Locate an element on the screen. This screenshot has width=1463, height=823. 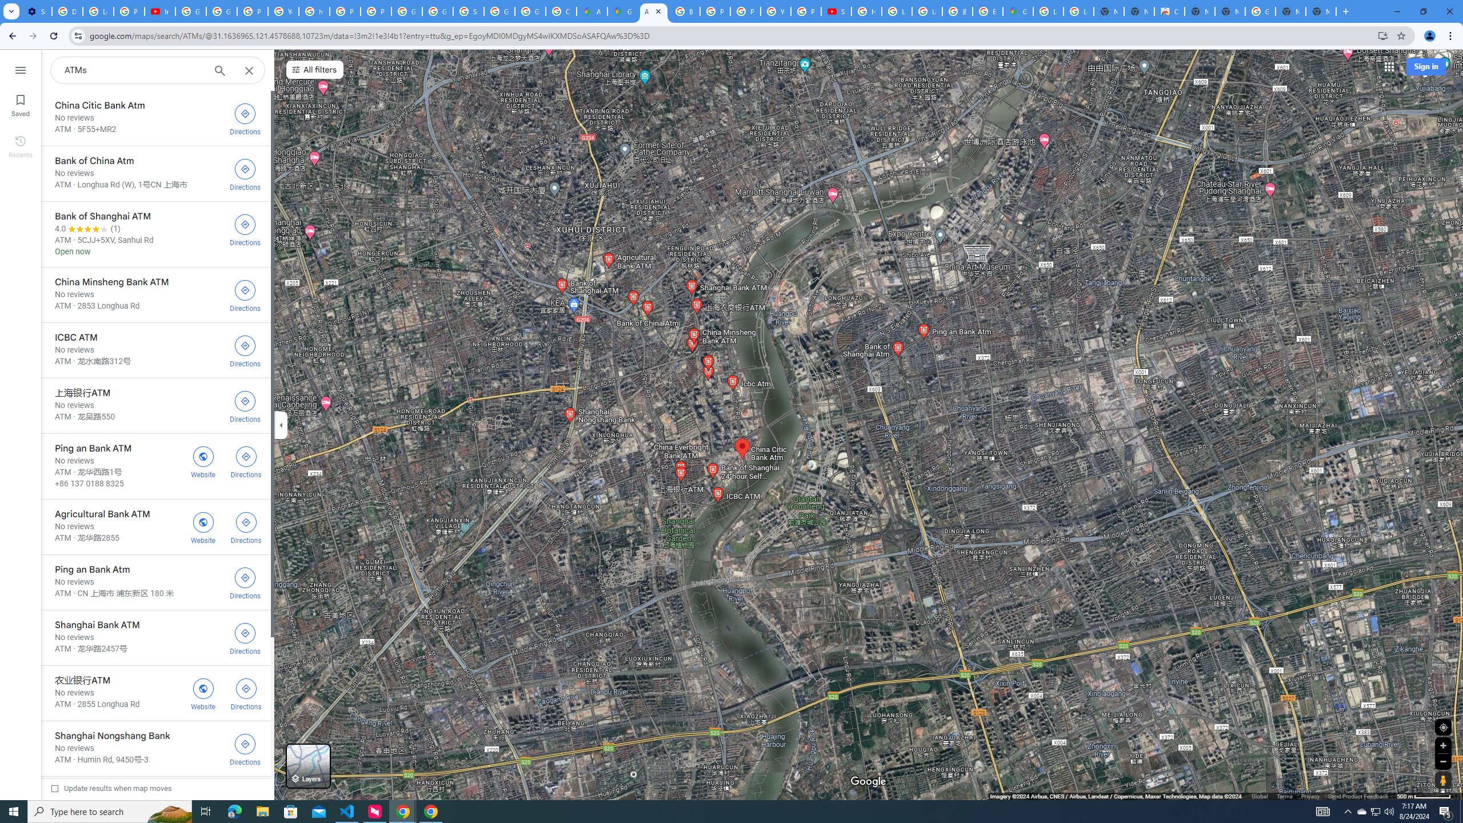
'ICBC ATM' is located at coordinates (155, 350).